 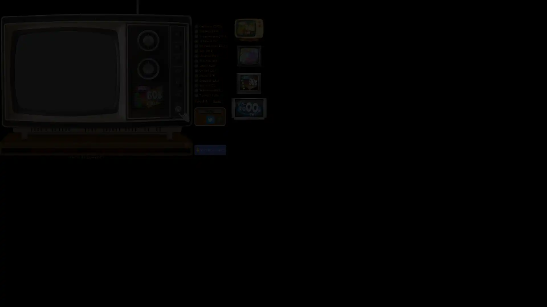 What do you see at coordinates (209, 111) in the screenshot?
I see `MENU` at bounding box center [209, 111].